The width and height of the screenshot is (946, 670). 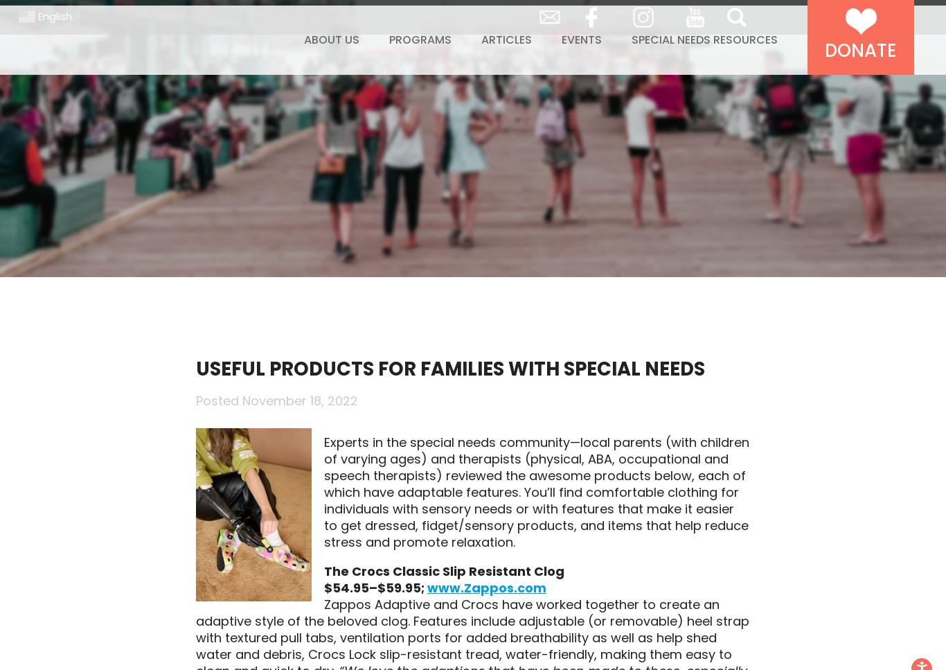 I want to click on 'Events', so click(x=580, y=69).